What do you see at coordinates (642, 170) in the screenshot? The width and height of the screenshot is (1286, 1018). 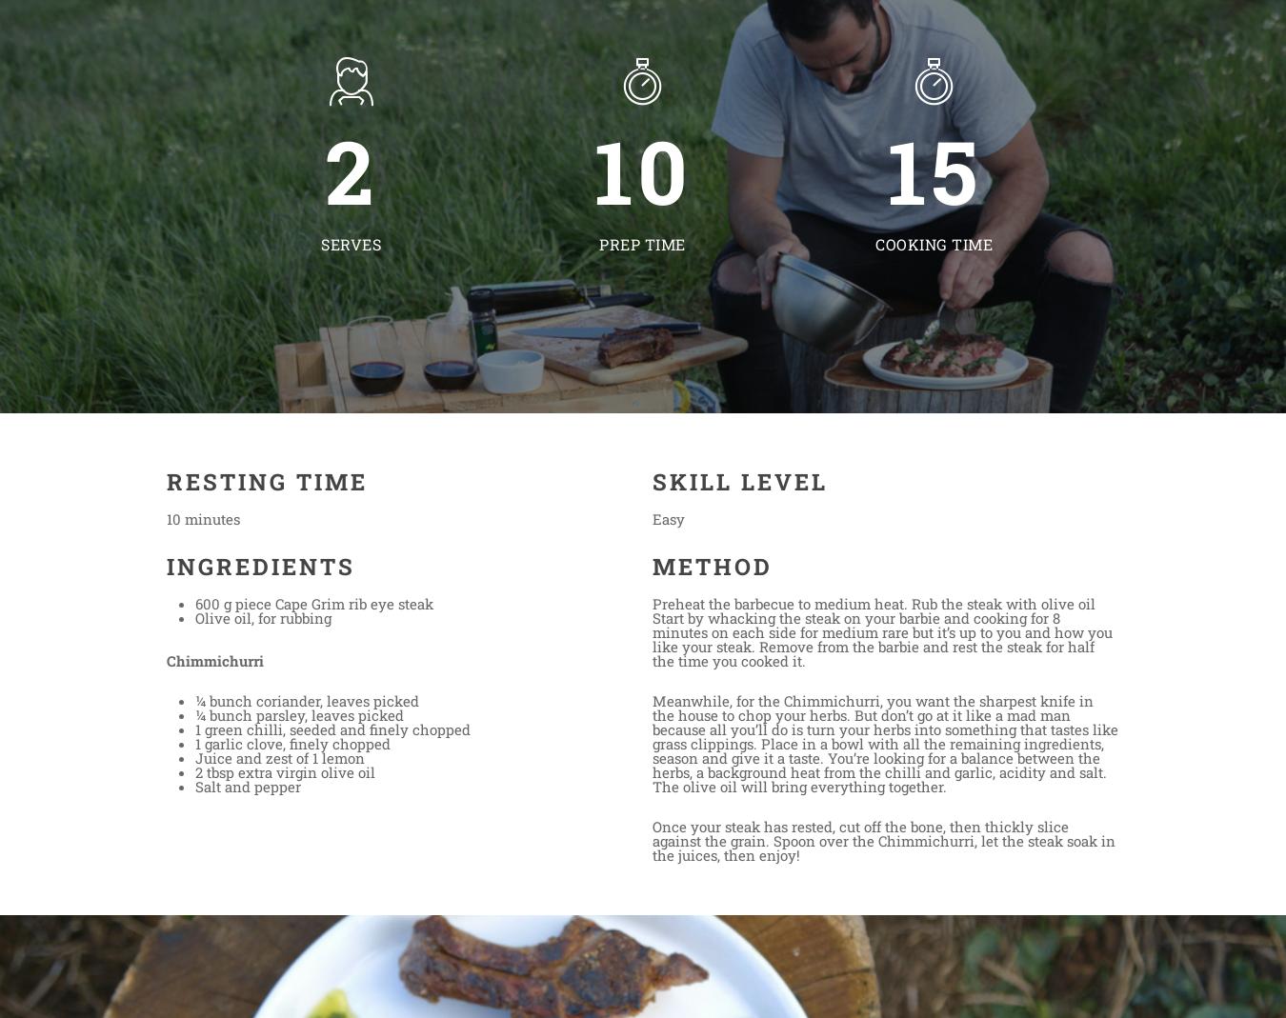 I see `'10'` at bounding box center [642, 170].